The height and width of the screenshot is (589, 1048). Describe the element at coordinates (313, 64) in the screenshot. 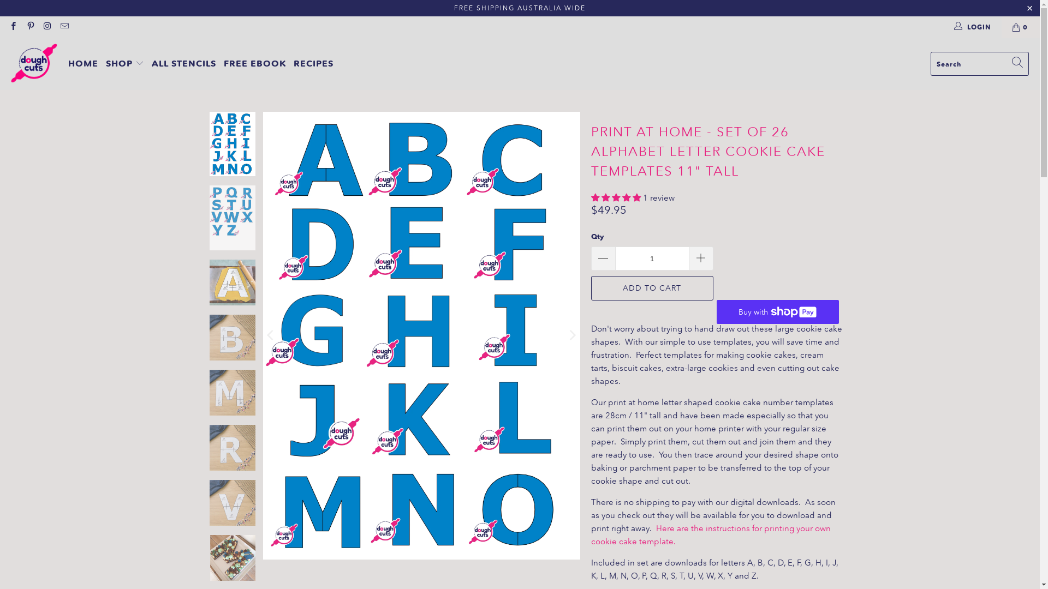

I see `'RECIPES'` at that location.